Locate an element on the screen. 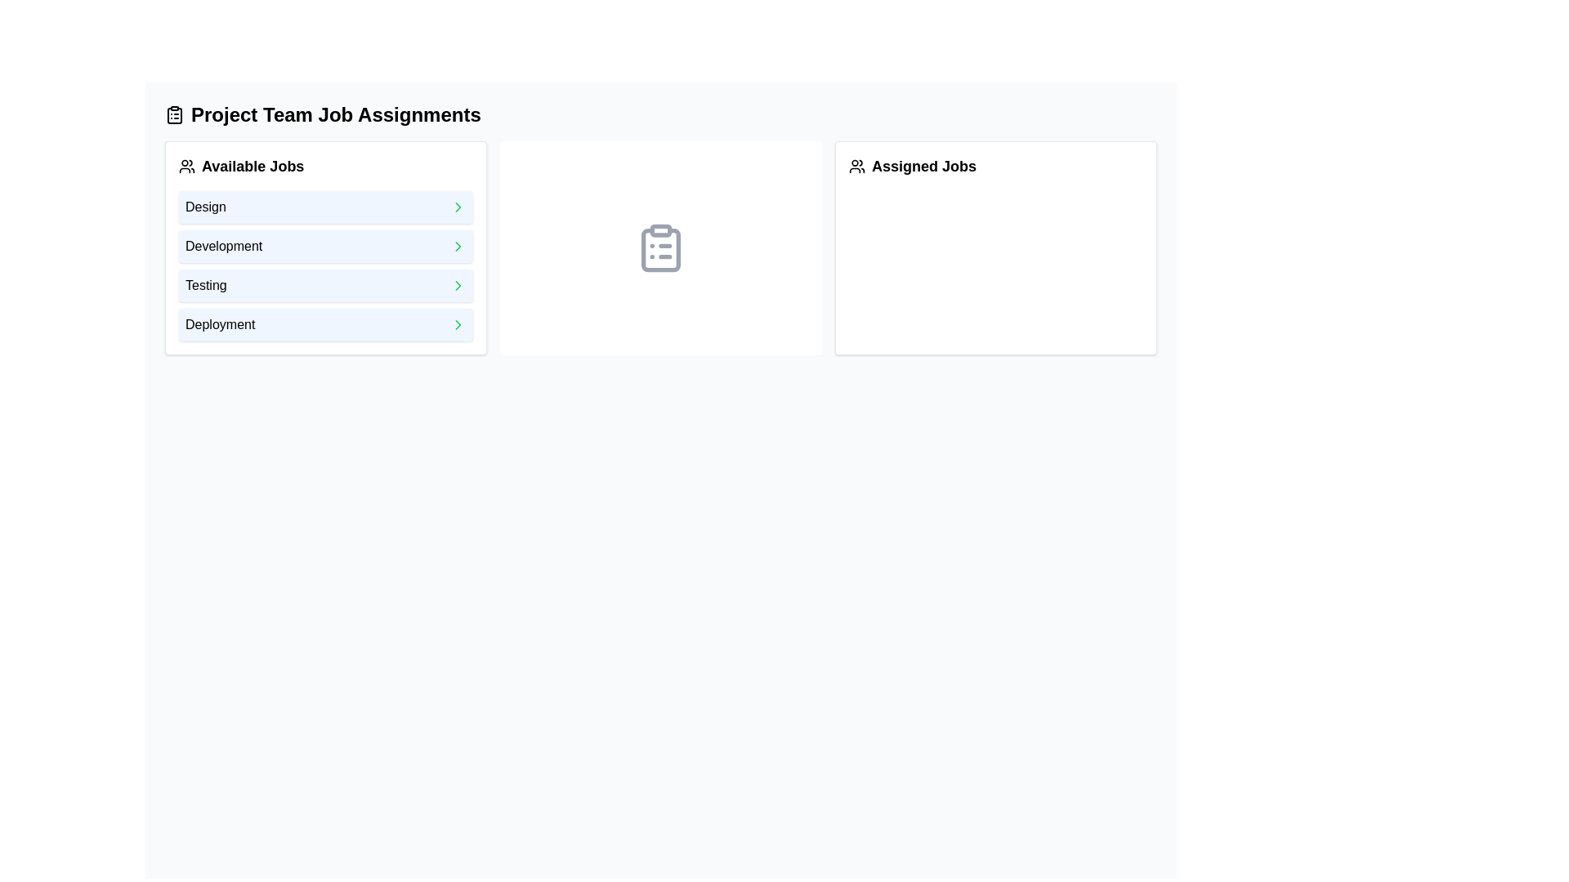 Image resolution: width=1569 pixels, height=882 pixels. the text label serving as the heading for job categories in the 'Available Jobs' section is located at coordinates (204, 207).